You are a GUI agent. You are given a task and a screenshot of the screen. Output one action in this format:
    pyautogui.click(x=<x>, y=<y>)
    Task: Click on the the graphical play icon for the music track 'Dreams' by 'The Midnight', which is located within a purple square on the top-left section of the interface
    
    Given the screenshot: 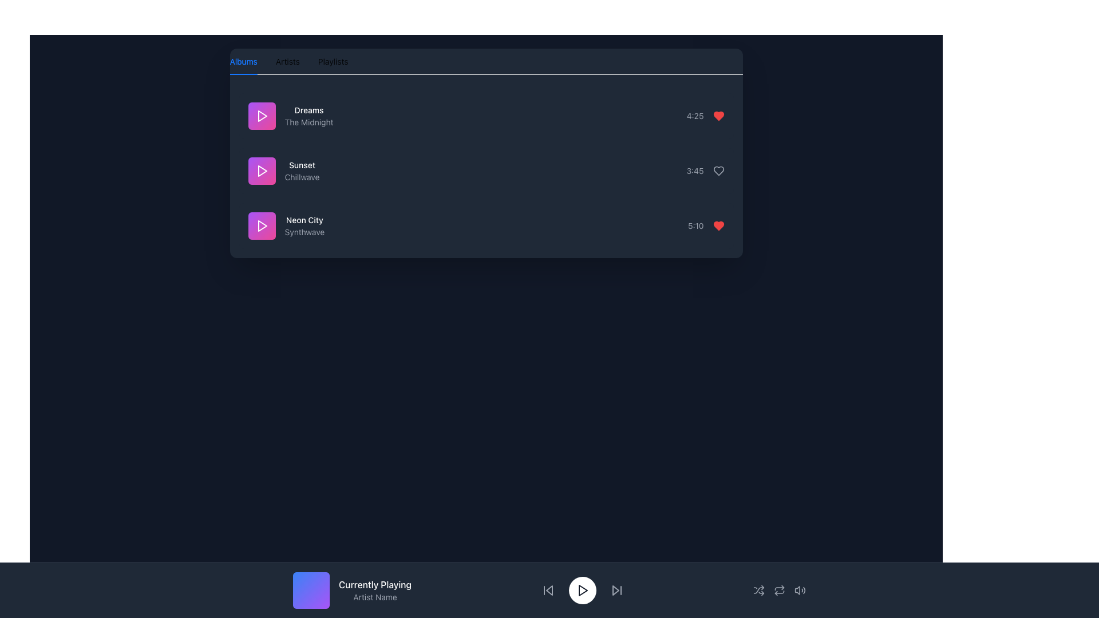 What is the action you would take?
    pyautogui.click(x=262, y=116)
    